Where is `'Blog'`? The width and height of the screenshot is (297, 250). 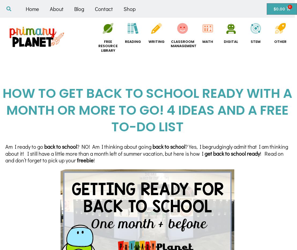
'Blog' is located at coordinates (79, 9).